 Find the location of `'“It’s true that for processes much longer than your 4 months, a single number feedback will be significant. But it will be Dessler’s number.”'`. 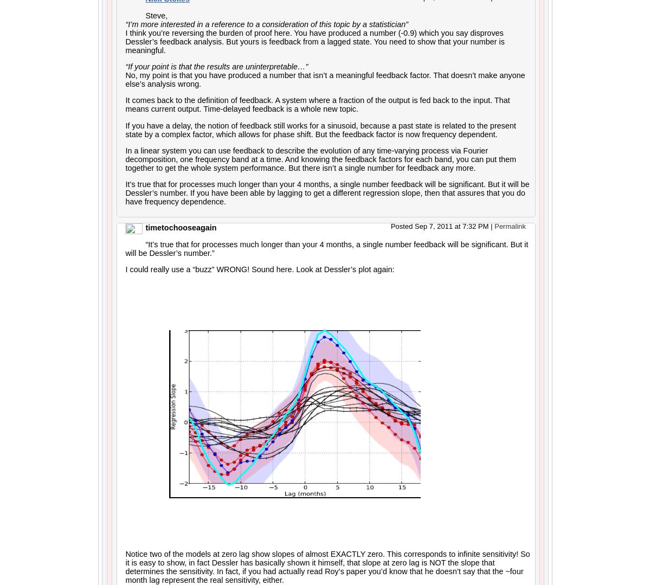

'“It’s true that for processes much longer than your 4 months, a single number feedback will be significant. But it will be Dessler’s number.”' is located at coordinates (326, 248).